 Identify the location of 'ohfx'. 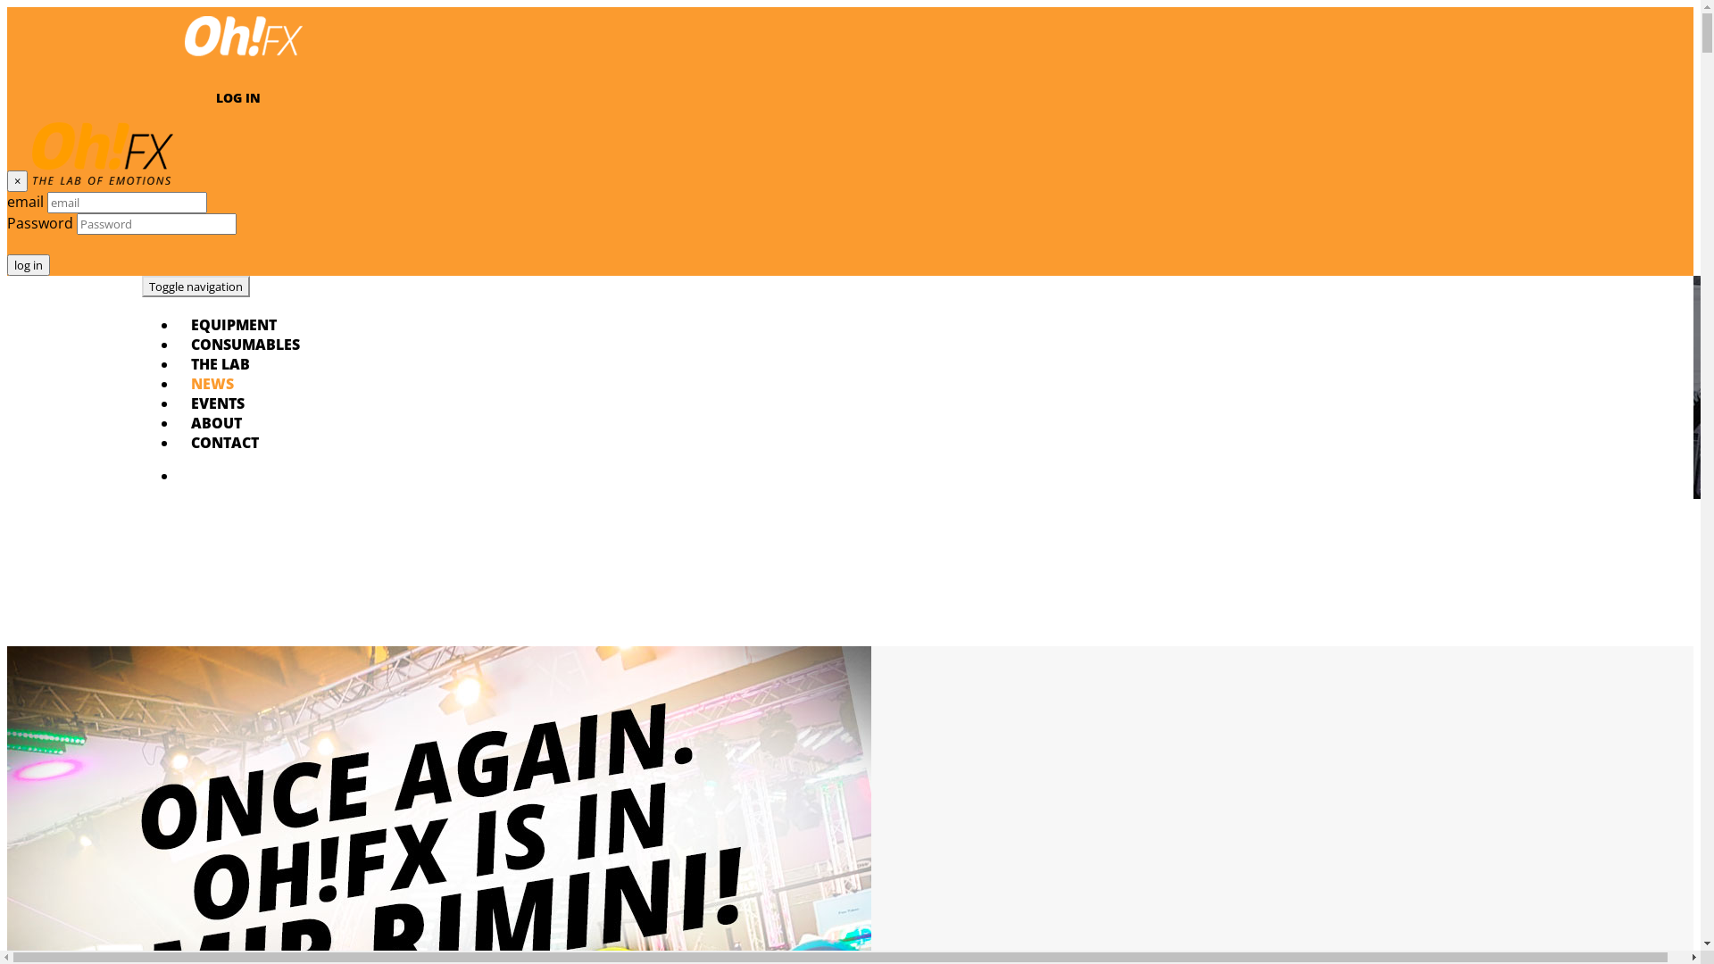
(243, 58).